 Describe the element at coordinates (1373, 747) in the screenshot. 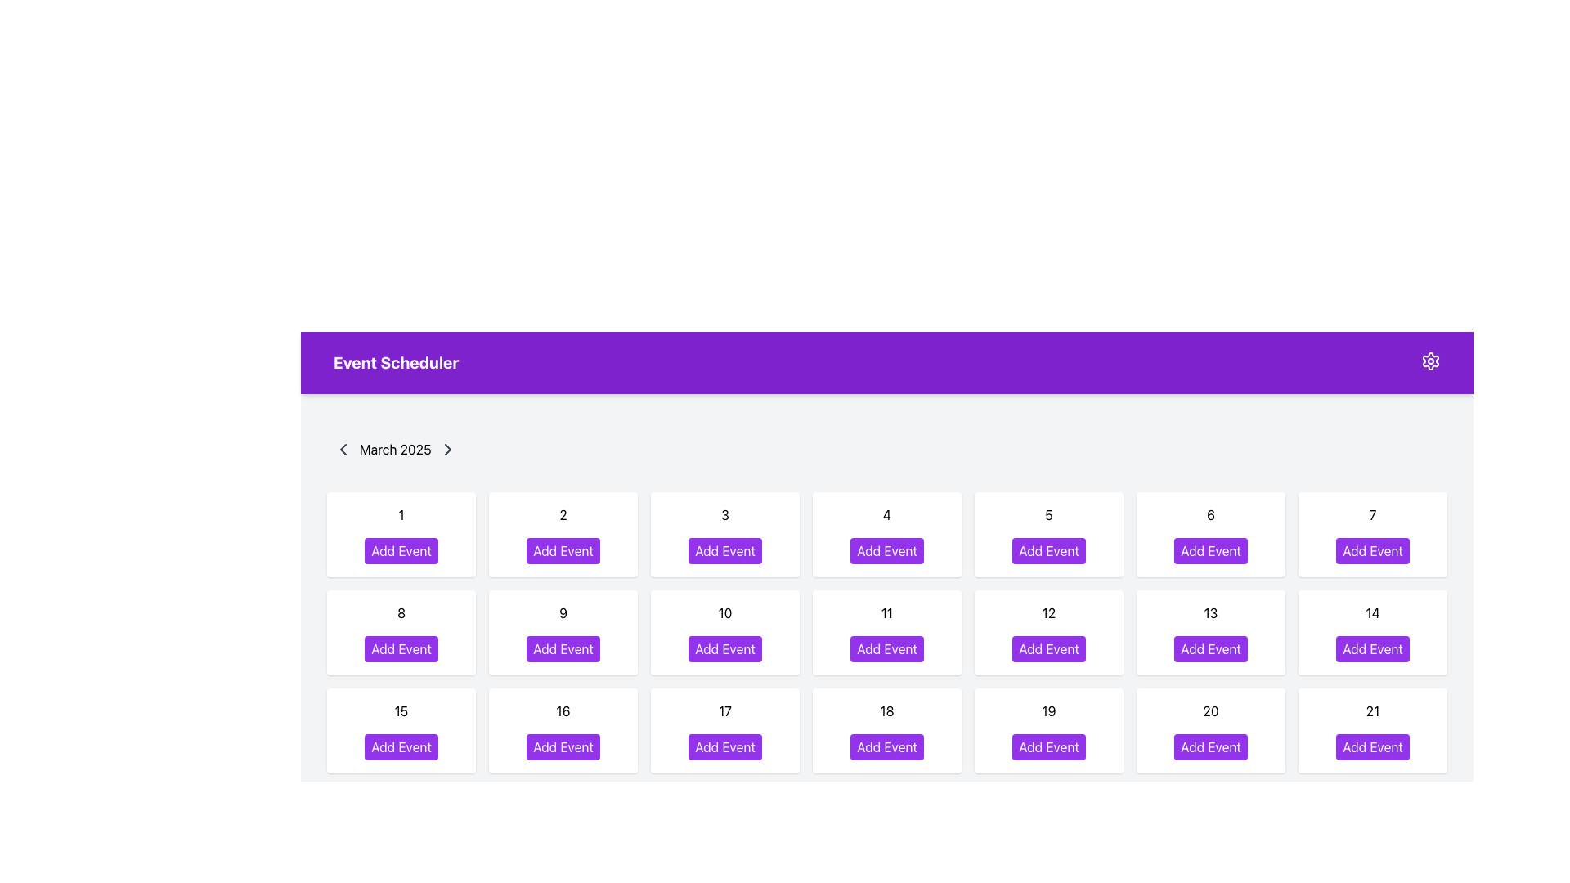

I see `the 'Add Event' button, which is a rectangular button with a purple background and rounded corners, located below the calendar date '21' in the grid layout` at that location.